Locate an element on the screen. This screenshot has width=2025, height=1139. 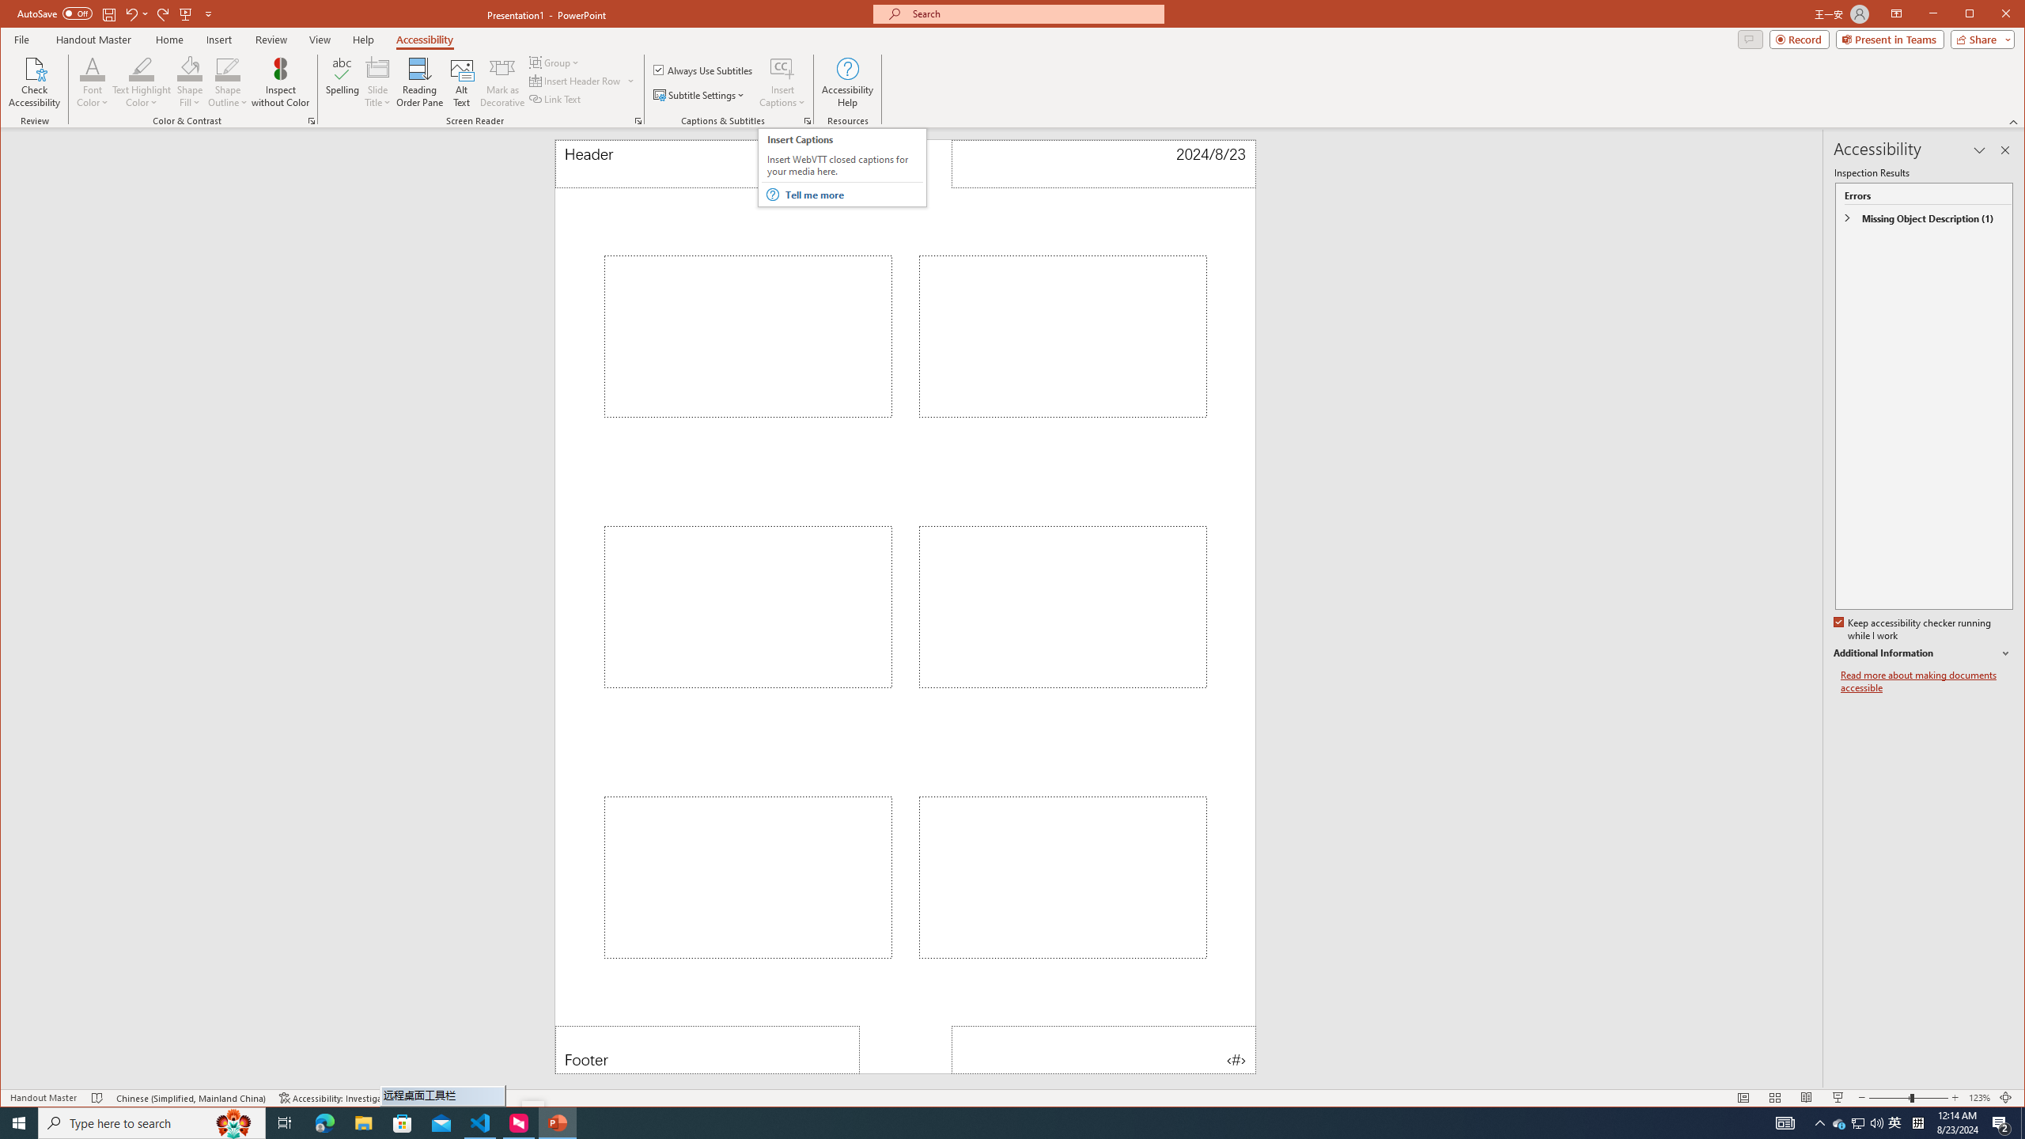
'Inspect without Color' is located at coordinates (280, 81).